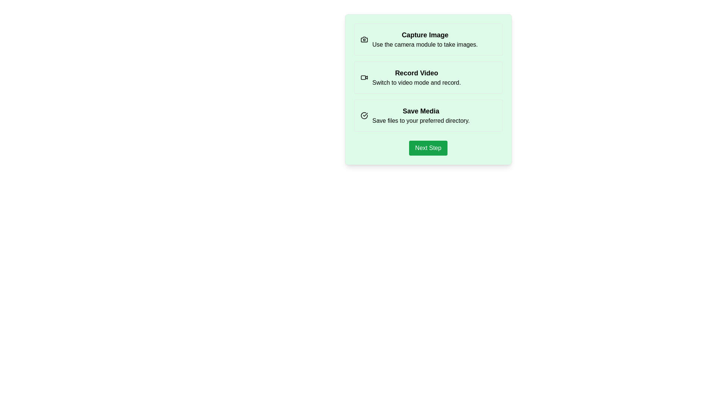 This screenshot has width=716, height=403. Describe the element at coordinates (425, 44) in the screenshot. I see `the text snippet that reads 'Use the camera module to take images.' which is located directly below the bold header 'Capture Image' in the centered modal component` at that location.